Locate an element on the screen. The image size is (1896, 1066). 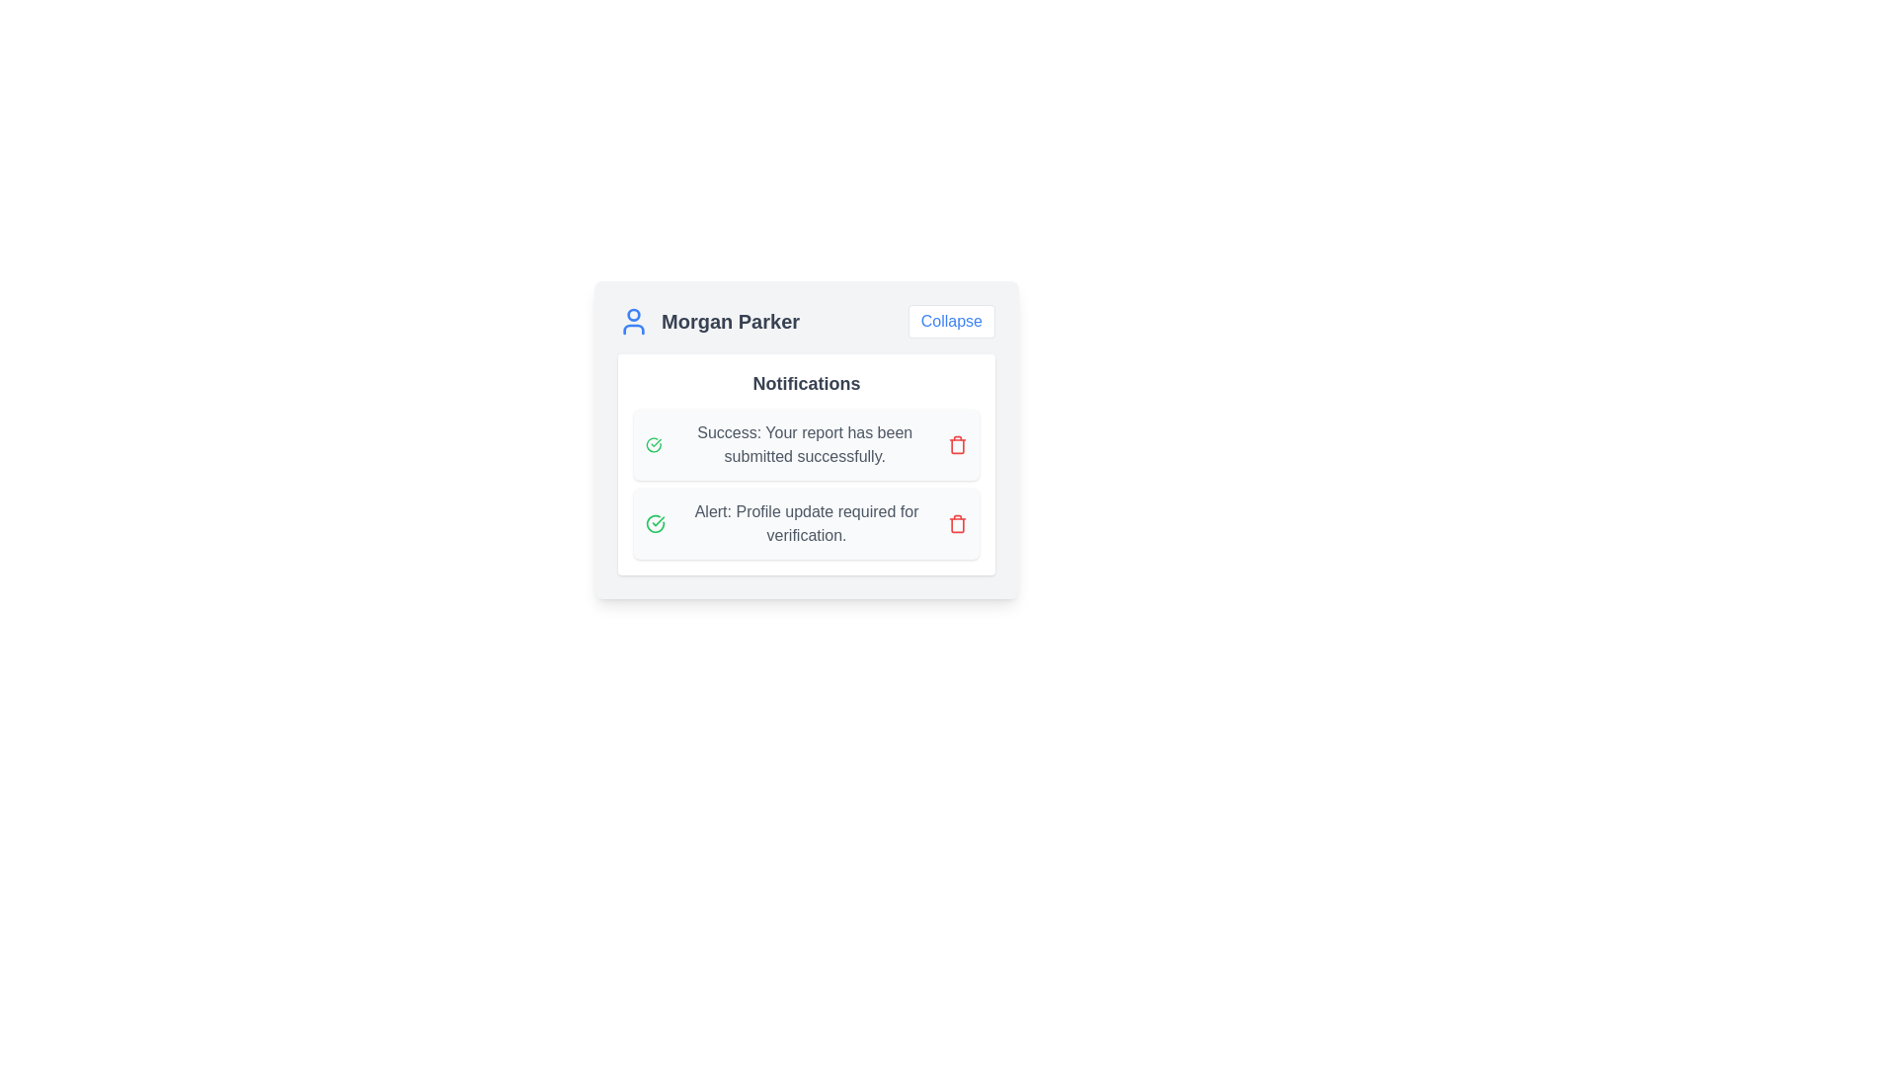
the user profile text label, which is located directly to the right of a blue person silhouette icon and above the Notifications section is located at coordinates (729, 321).